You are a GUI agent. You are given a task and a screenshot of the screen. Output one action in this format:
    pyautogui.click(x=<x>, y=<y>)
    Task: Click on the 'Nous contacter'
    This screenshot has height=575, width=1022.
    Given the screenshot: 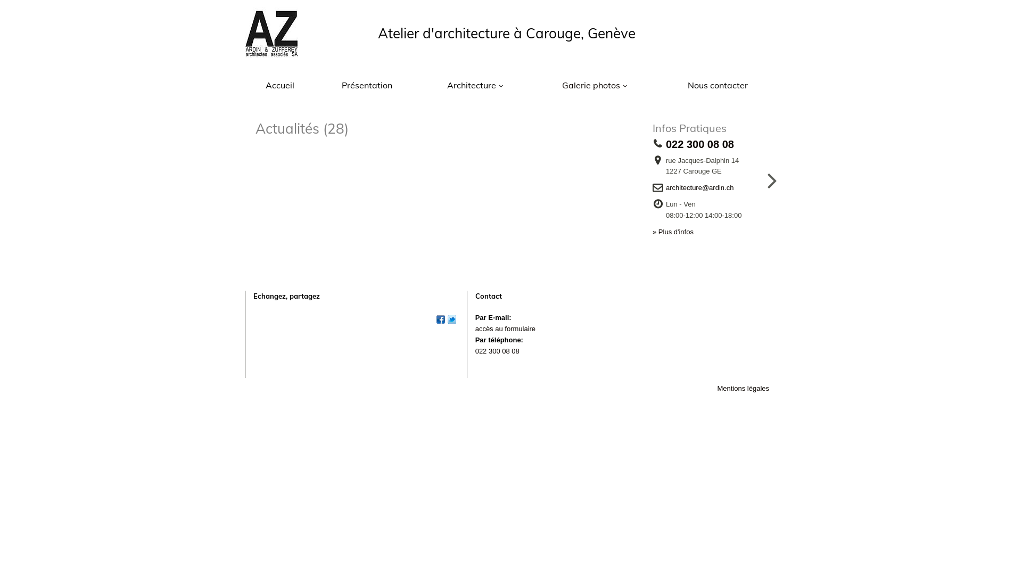 What is the action you would take?
    pyautogui.click(x=718, y=85)
    